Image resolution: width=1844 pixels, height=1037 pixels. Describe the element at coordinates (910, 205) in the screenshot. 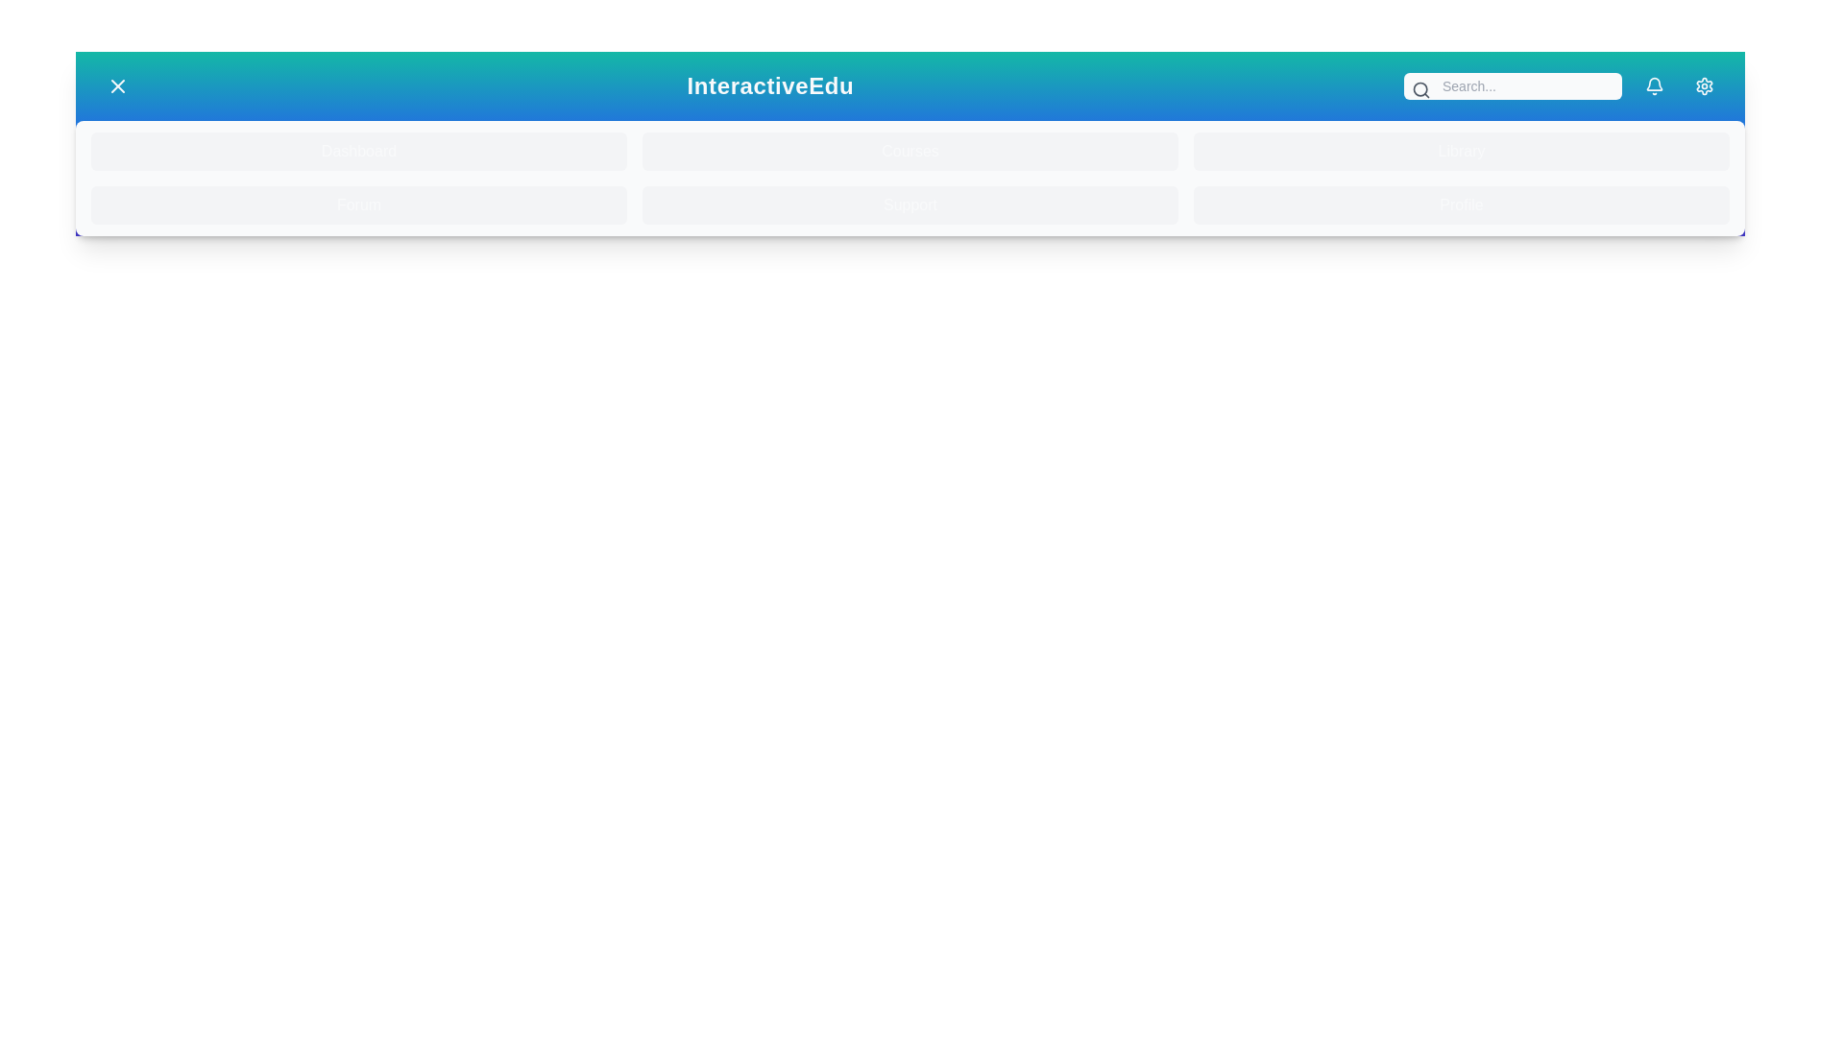

I see `the menu item Support from the menu` at that location.